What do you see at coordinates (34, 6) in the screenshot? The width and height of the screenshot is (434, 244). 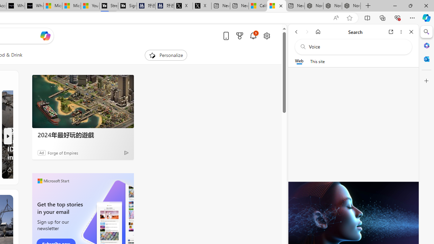 I see `'What'` at bounding box center [34, 6].